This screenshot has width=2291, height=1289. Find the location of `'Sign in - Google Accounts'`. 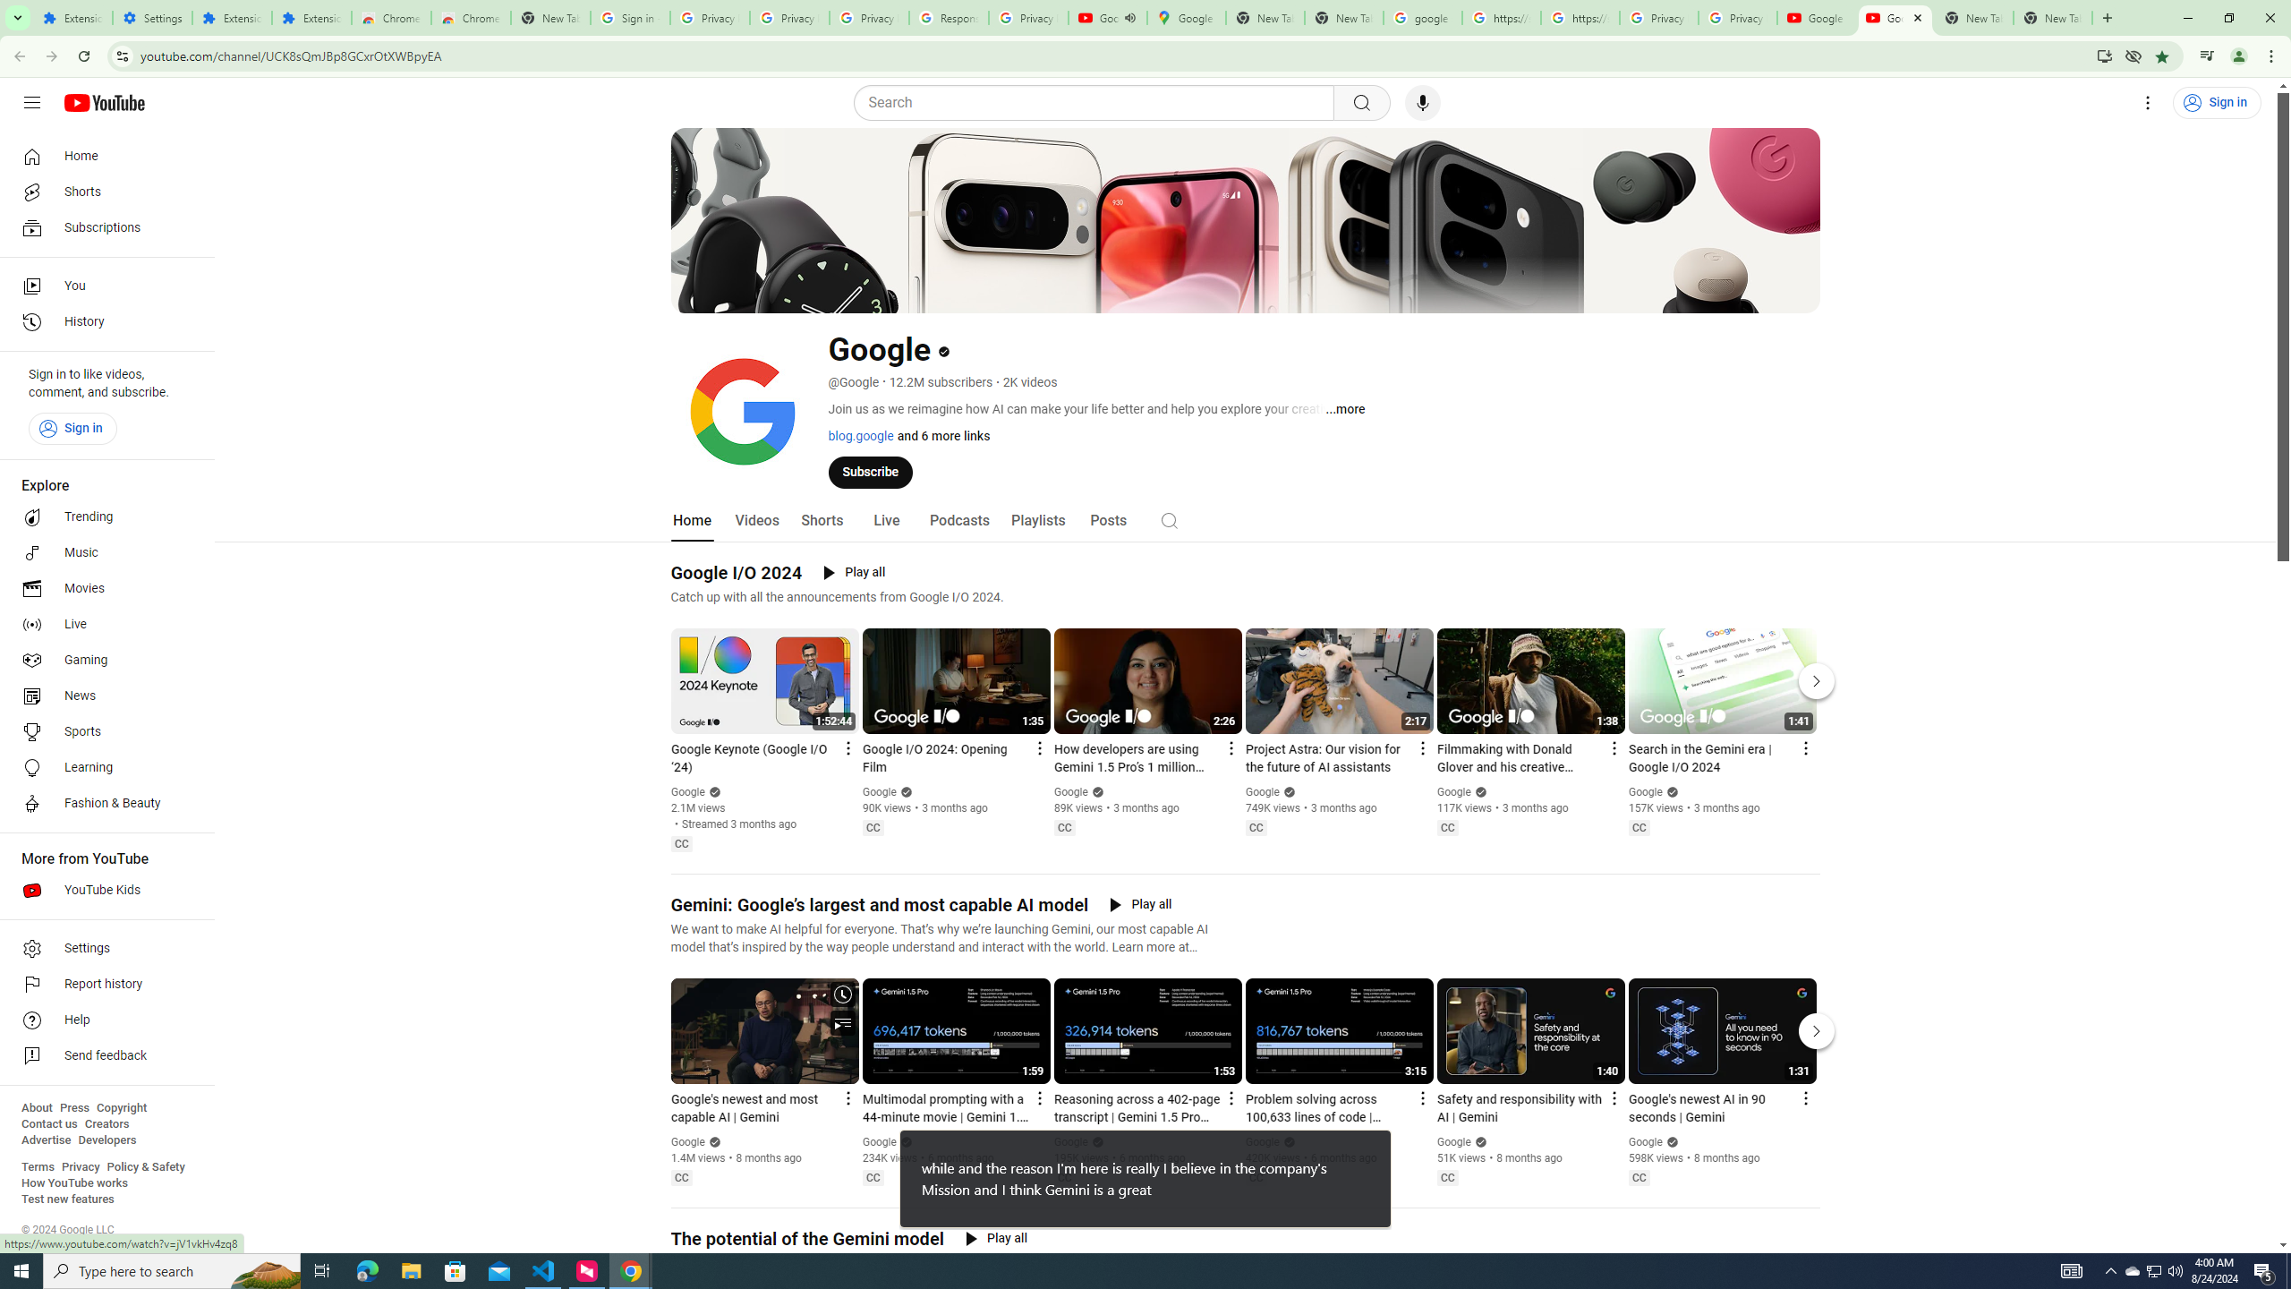

'Sign in - Google Accounts' is located at coordinates (630, 17).